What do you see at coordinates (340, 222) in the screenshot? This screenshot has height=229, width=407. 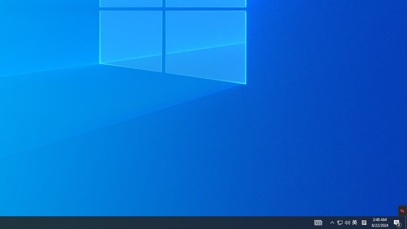 I see `'User Promoted Notification Area'` at bounding box center [340, 222].